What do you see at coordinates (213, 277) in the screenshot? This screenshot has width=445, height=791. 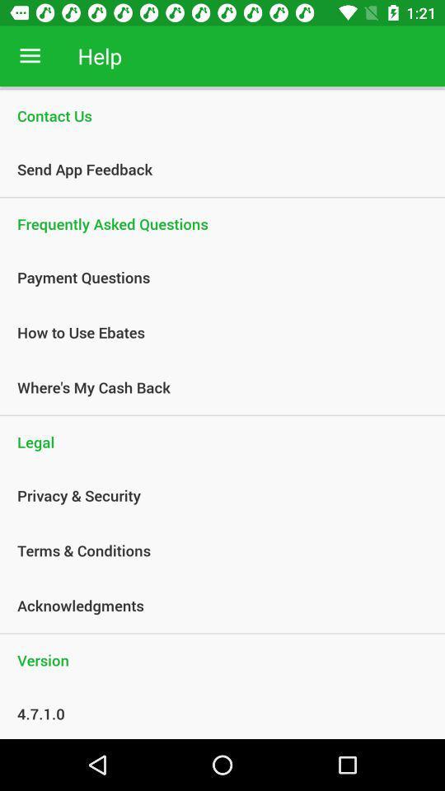 I see `payment questions` at bounding box center [213, 277].